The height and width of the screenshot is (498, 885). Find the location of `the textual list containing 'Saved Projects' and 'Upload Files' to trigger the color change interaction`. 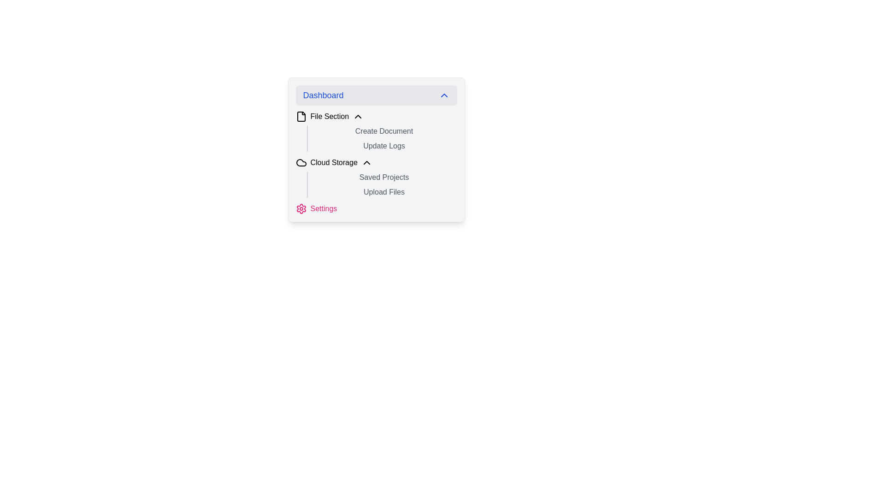

the textual list containing 'Saved Projects' and 'Upload Files' to trigger the color change interaction is located at coordinates (382, 185).